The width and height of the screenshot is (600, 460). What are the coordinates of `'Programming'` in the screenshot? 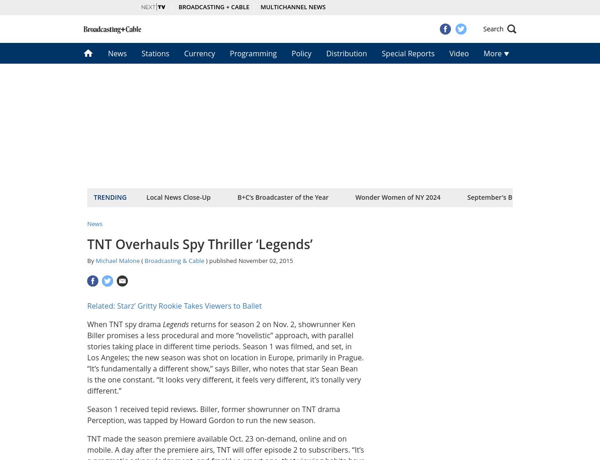 It's located at (252, 53).